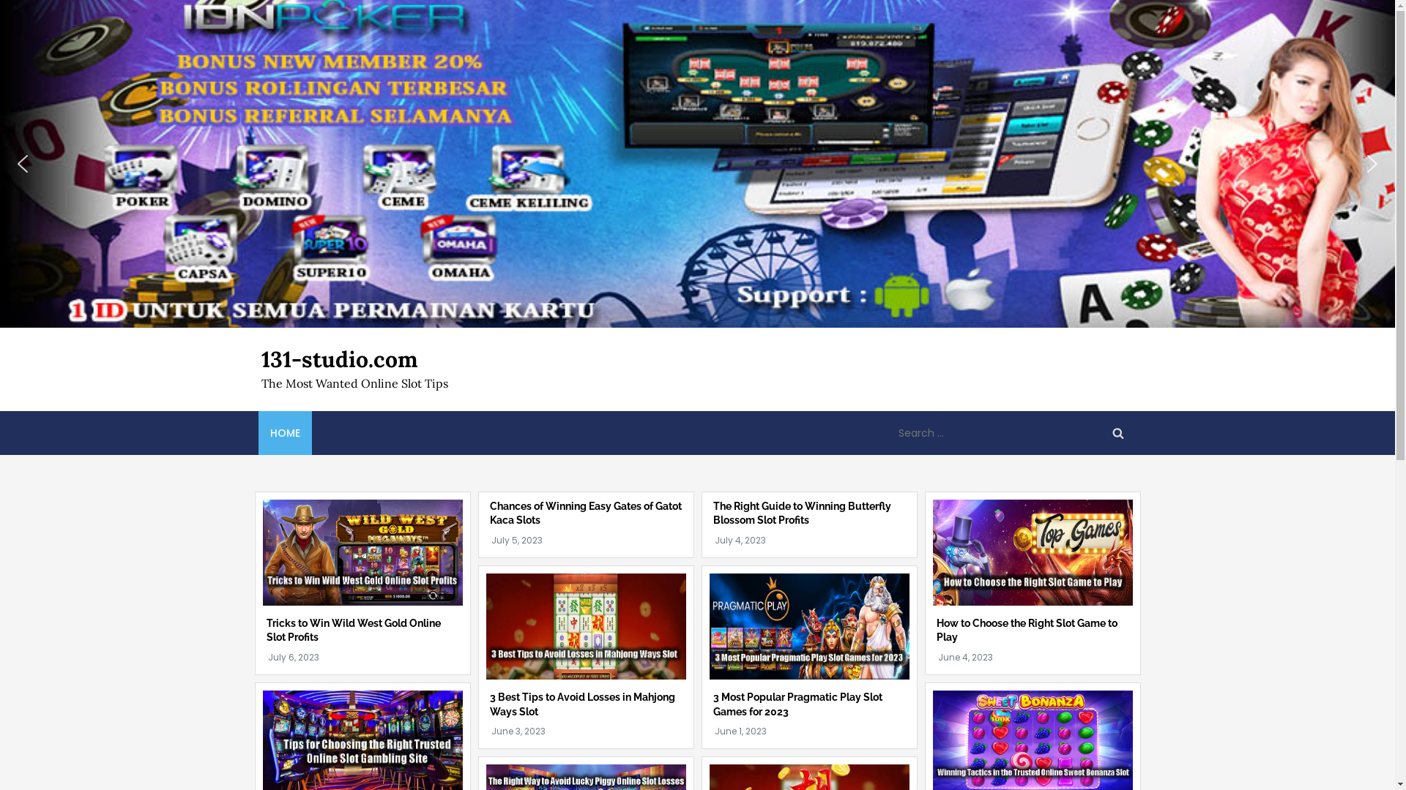  I want to click on 'Tricks to Win Wild West Gold Online Slot Profits', so click(354, 629).